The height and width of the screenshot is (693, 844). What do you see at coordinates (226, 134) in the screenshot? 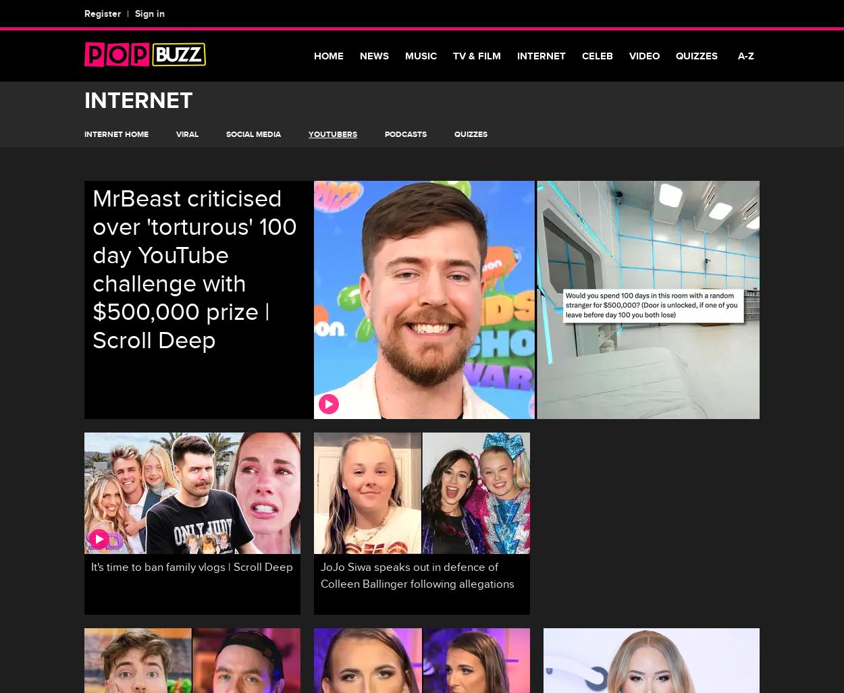
I see `'Social Media'` at bounding box center [226, 134].